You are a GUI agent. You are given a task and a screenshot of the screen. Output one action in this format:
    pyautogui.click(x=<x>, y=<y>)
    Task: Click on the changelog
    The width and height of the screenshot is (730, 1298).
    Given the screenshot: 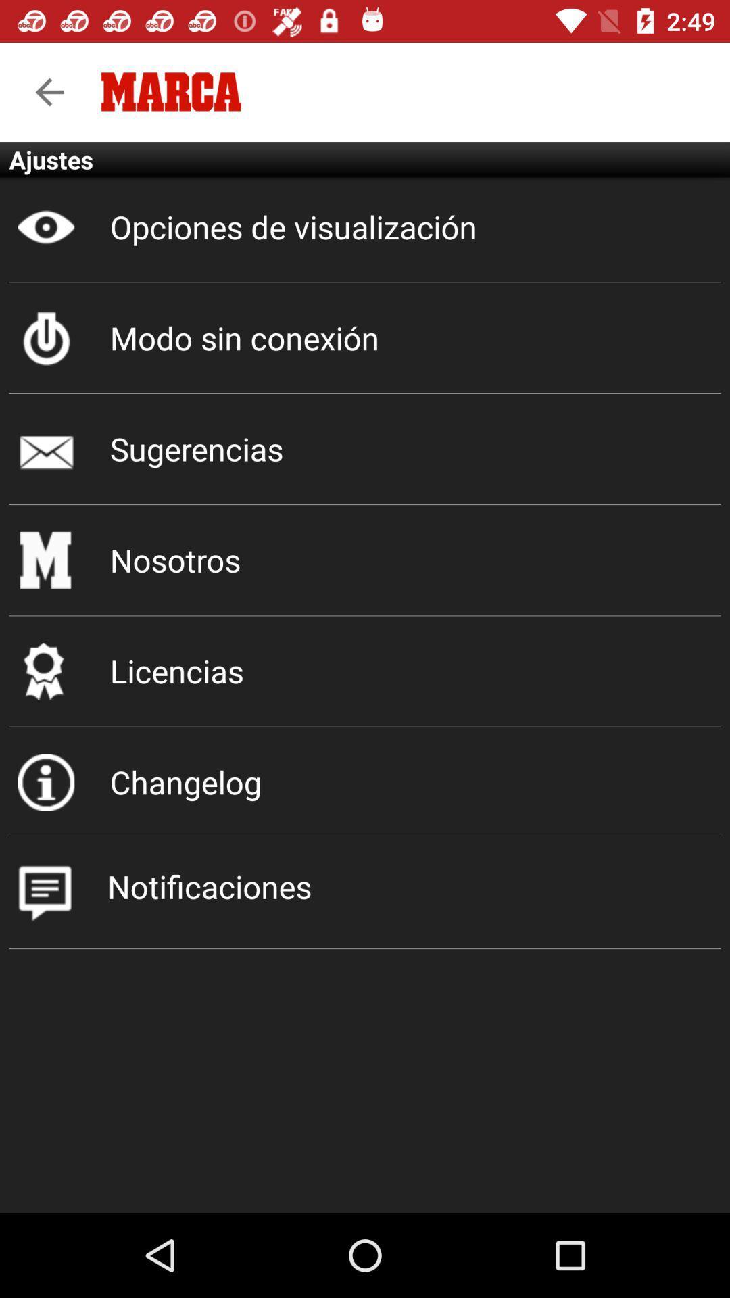 What is the action you would take?
    pyautogui.click(x=365, y=782)
    